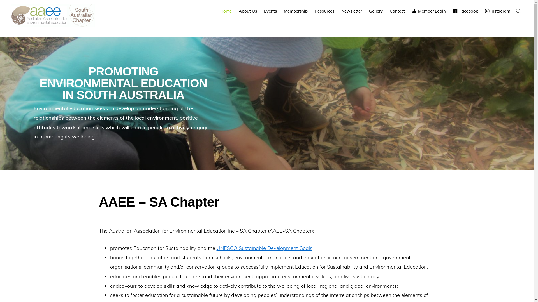 Image resolution: width=538 pixels, height=302 pixels. What do you see at coordinates (264, 248) in the screenshot?
I see `'UNESCO Sustainable Development Goals'` at bounding box center [264, 248].